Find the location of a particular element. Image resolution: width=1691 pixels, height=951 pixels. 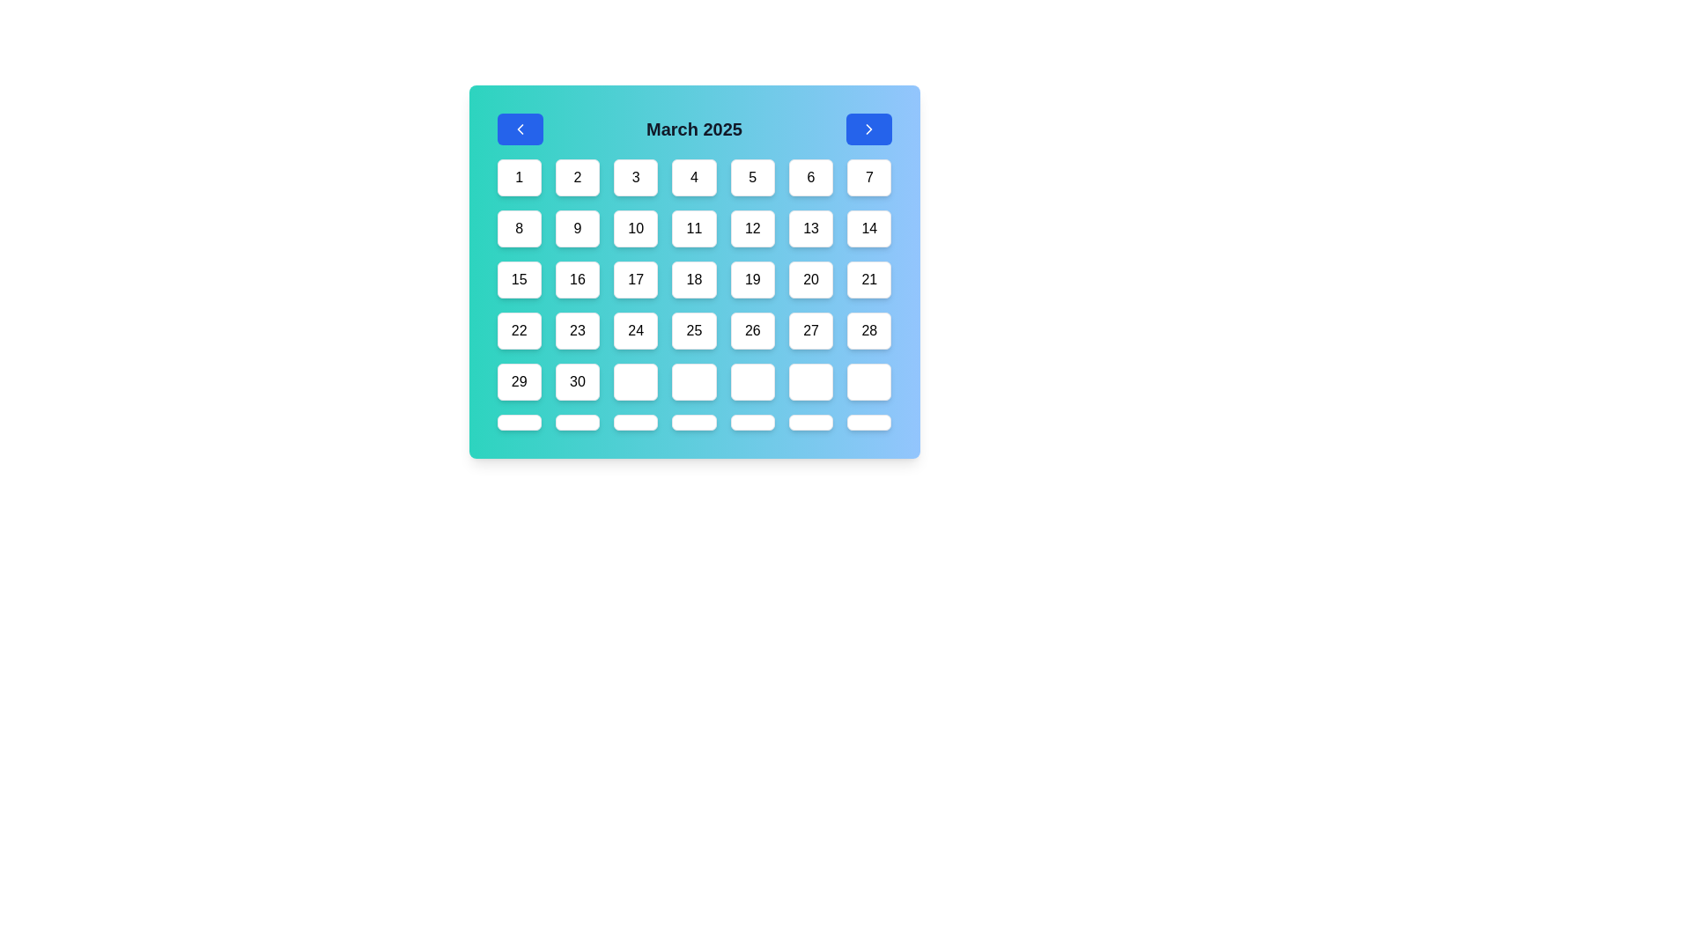

the text label displaying 'March 2025' in bold and large font, located at the top of the calendar interface is located at coordinates (693, 128).